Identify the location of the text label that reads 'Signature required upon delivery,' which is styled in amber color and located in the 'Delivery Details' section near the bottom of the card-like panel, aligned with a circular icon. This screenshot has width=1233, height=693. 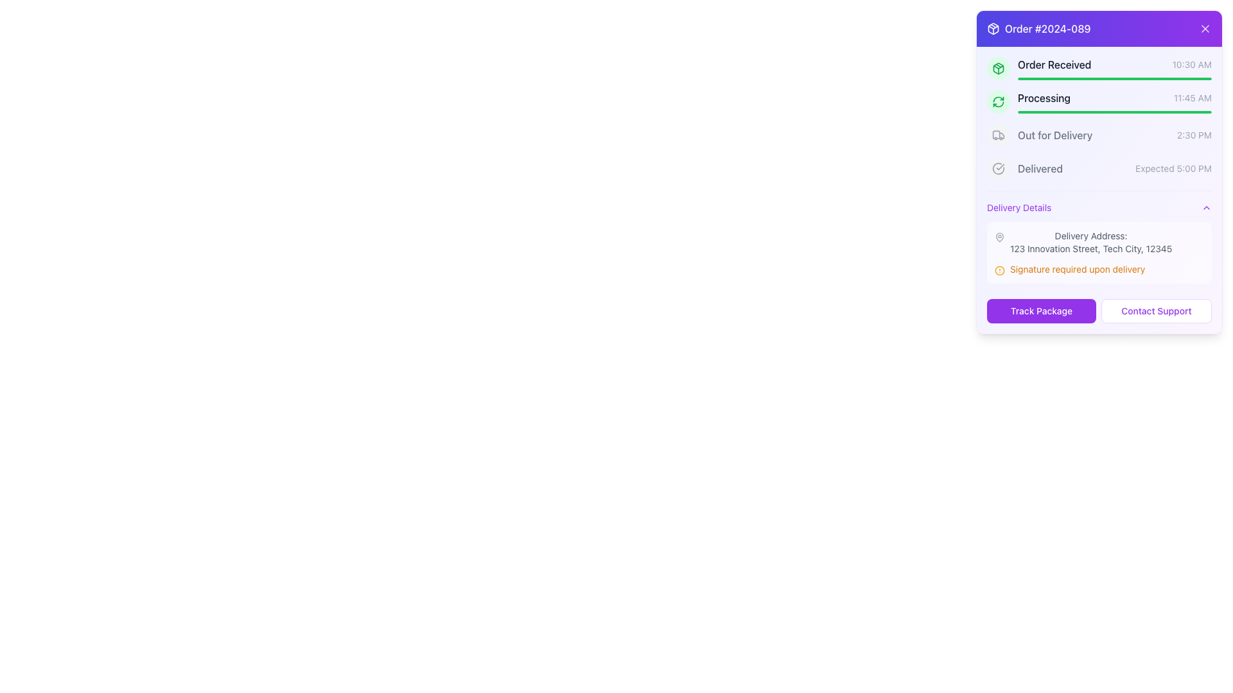
(1078, 269).